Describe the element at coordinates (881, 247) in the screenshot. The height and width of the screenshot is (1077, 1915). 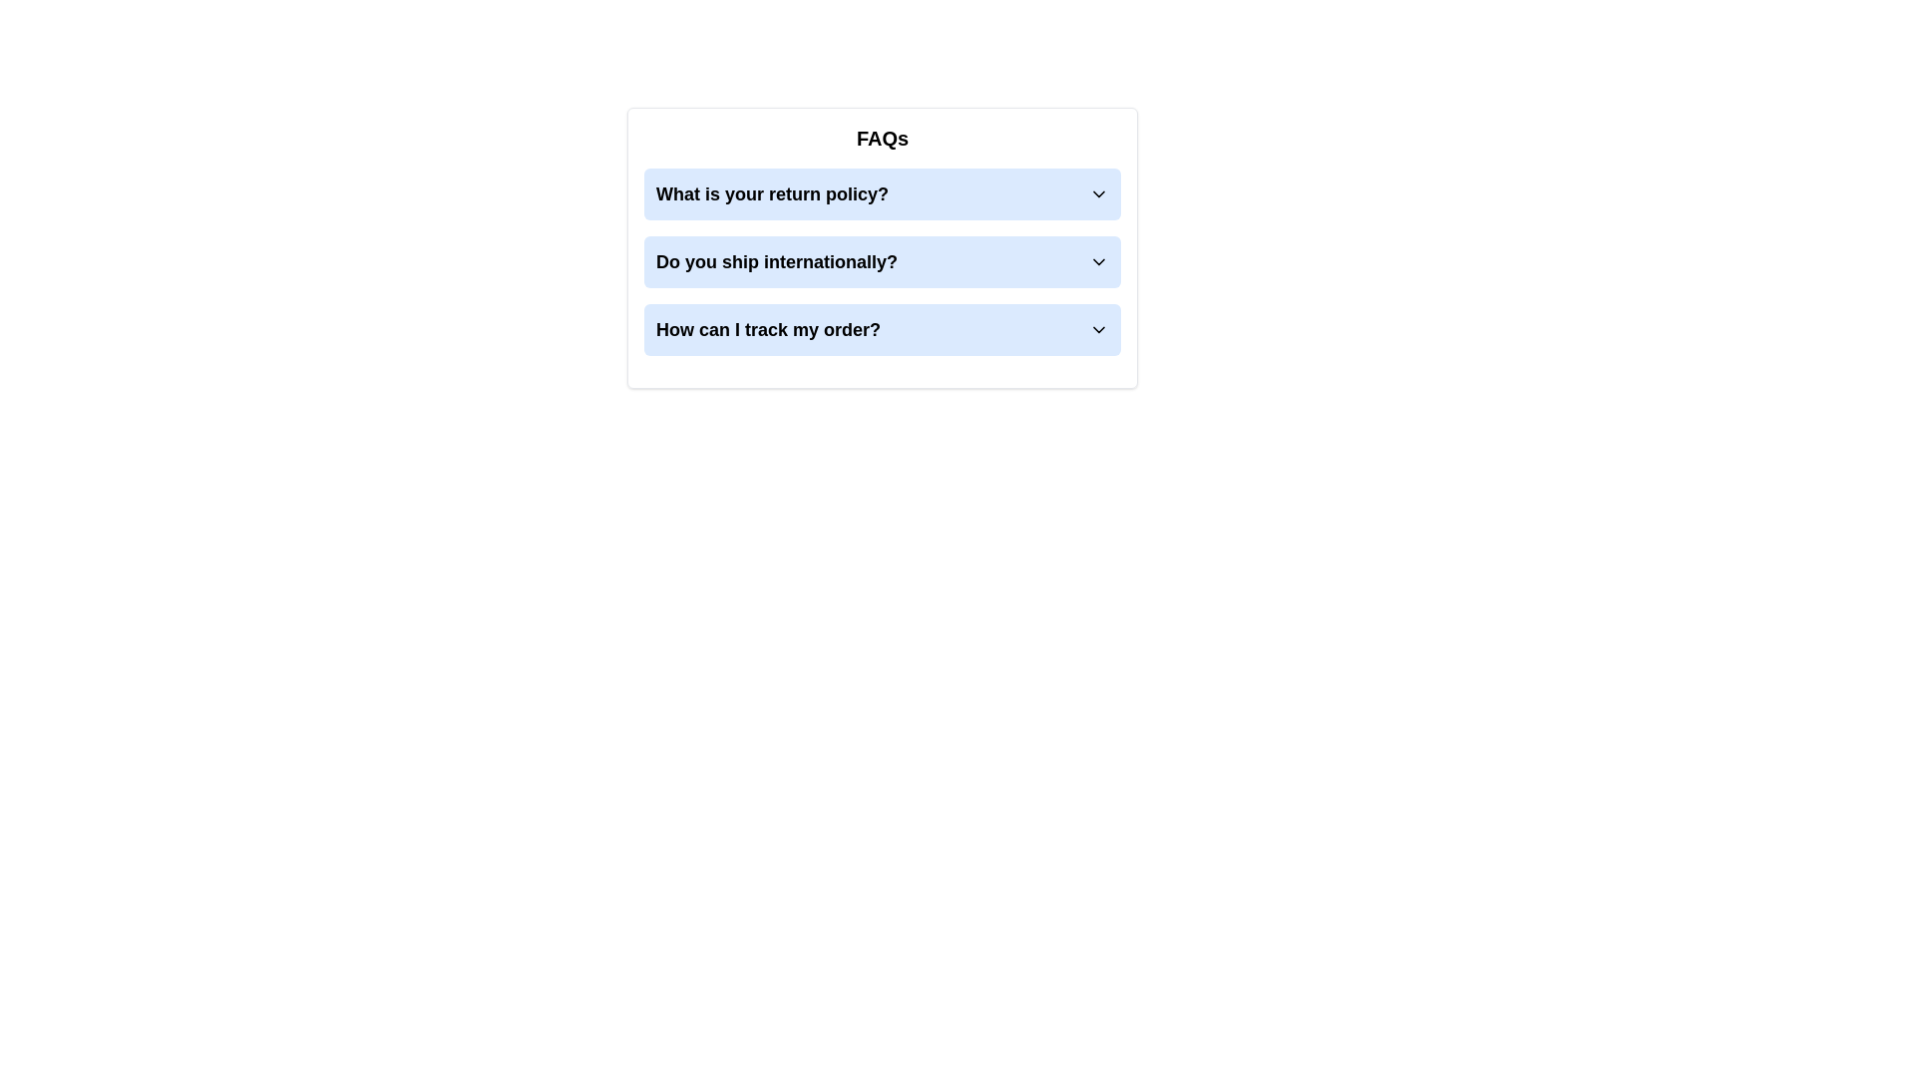
I see `the FAQ section element` at that location.